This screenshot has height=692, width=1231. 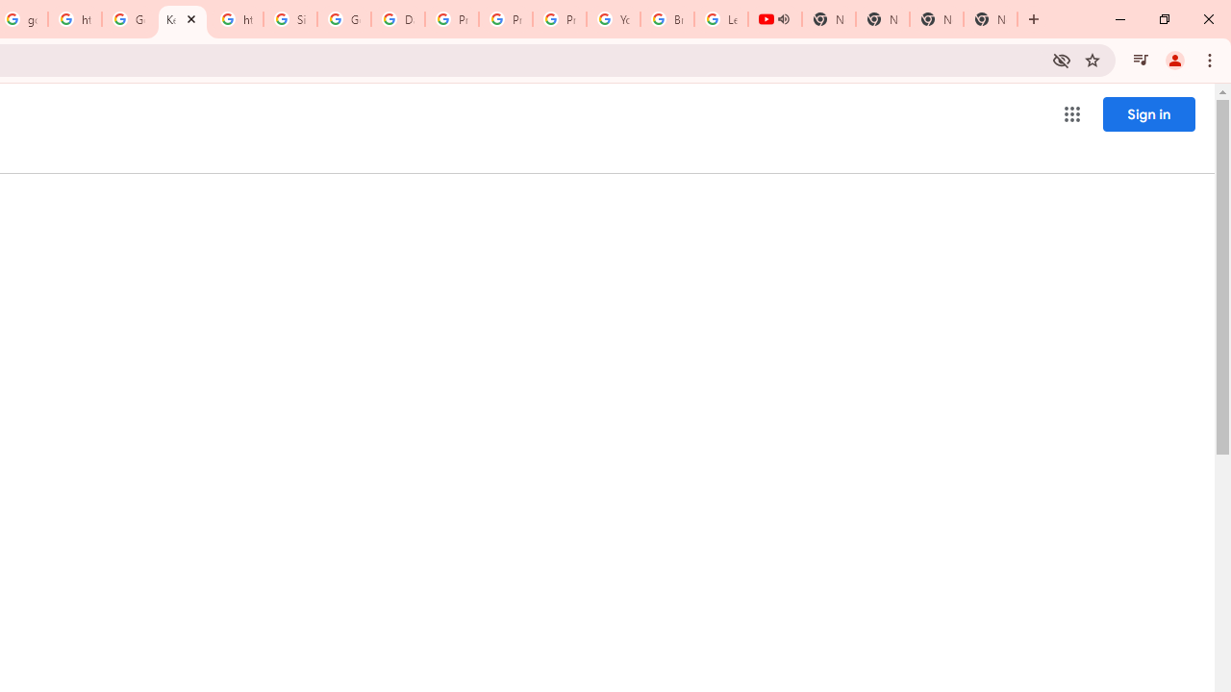 What do you see at coordinates (506, 19) in the screenshot?
I see `'Privacy Help Center - Policies Help'` at bounding box center [506, 19].